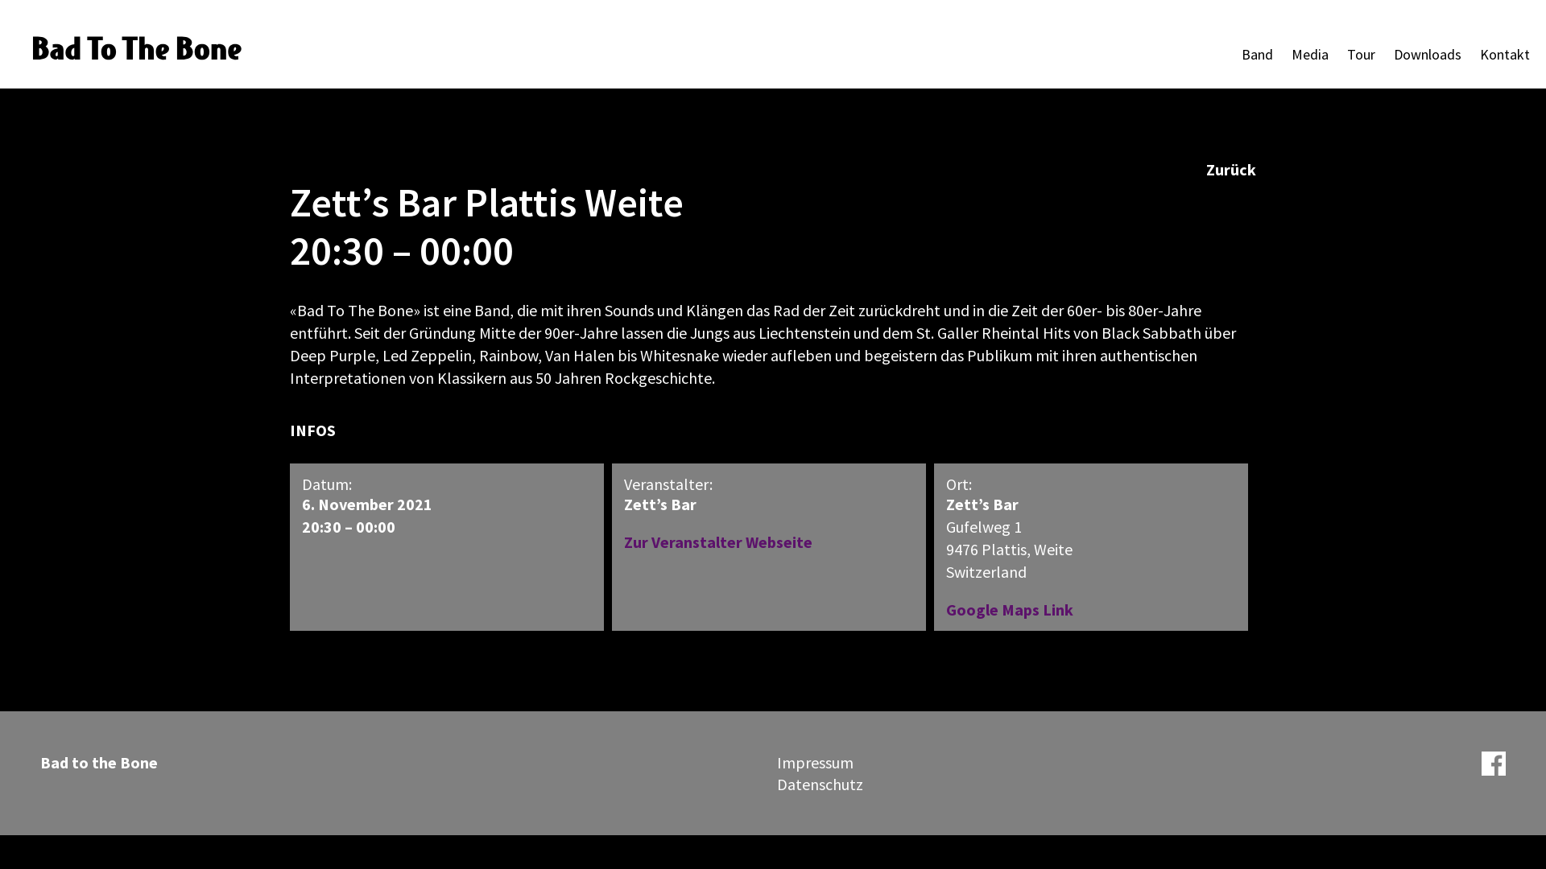 Image resolution: width=1546 pixels, height=869 pixels. Describe the element at coordinates (814, 761) in the screenshot. I see `'Impressum'` at that location.